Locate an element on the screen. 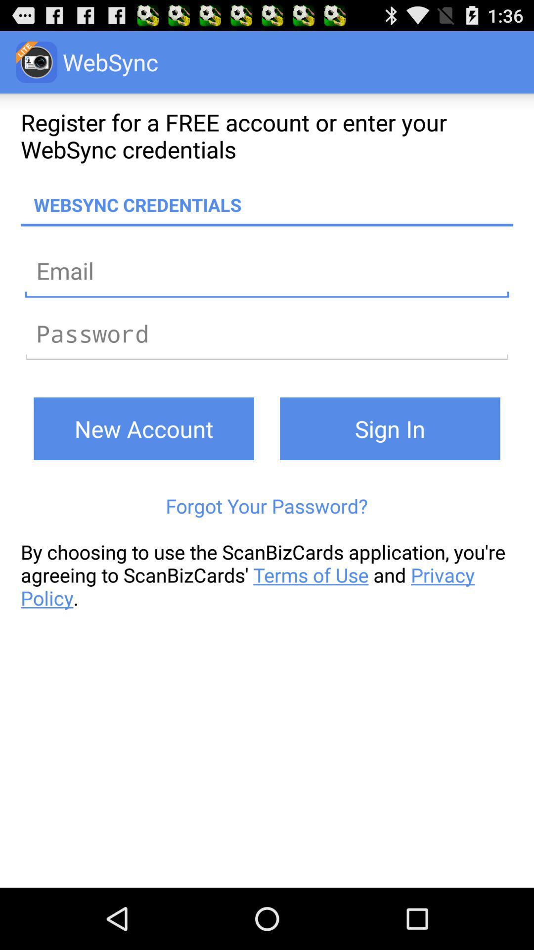 The width and height of the screenshot is (534, 950). password is located at coordinates (267, 333).